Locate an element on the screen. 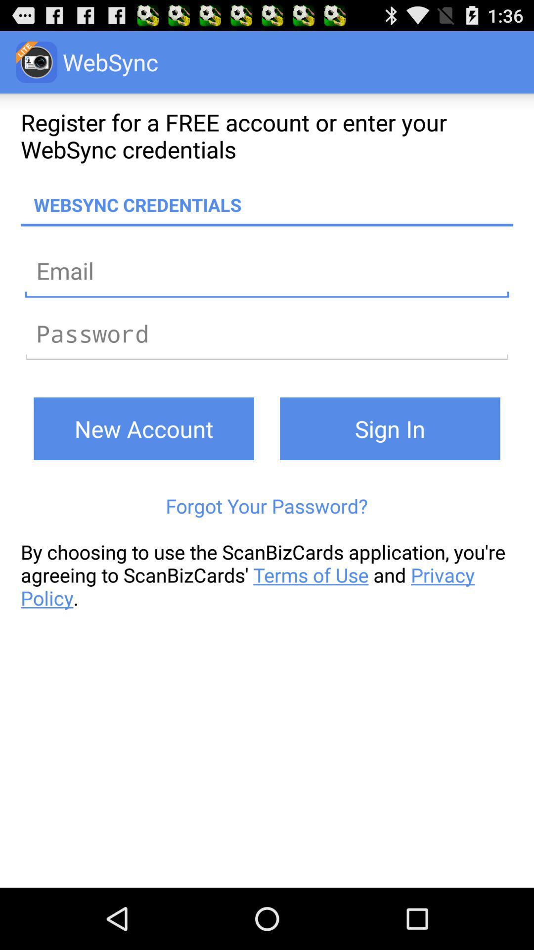 The width and height of the screenshot is (534, 950). password is located at coordinates (267, 333).